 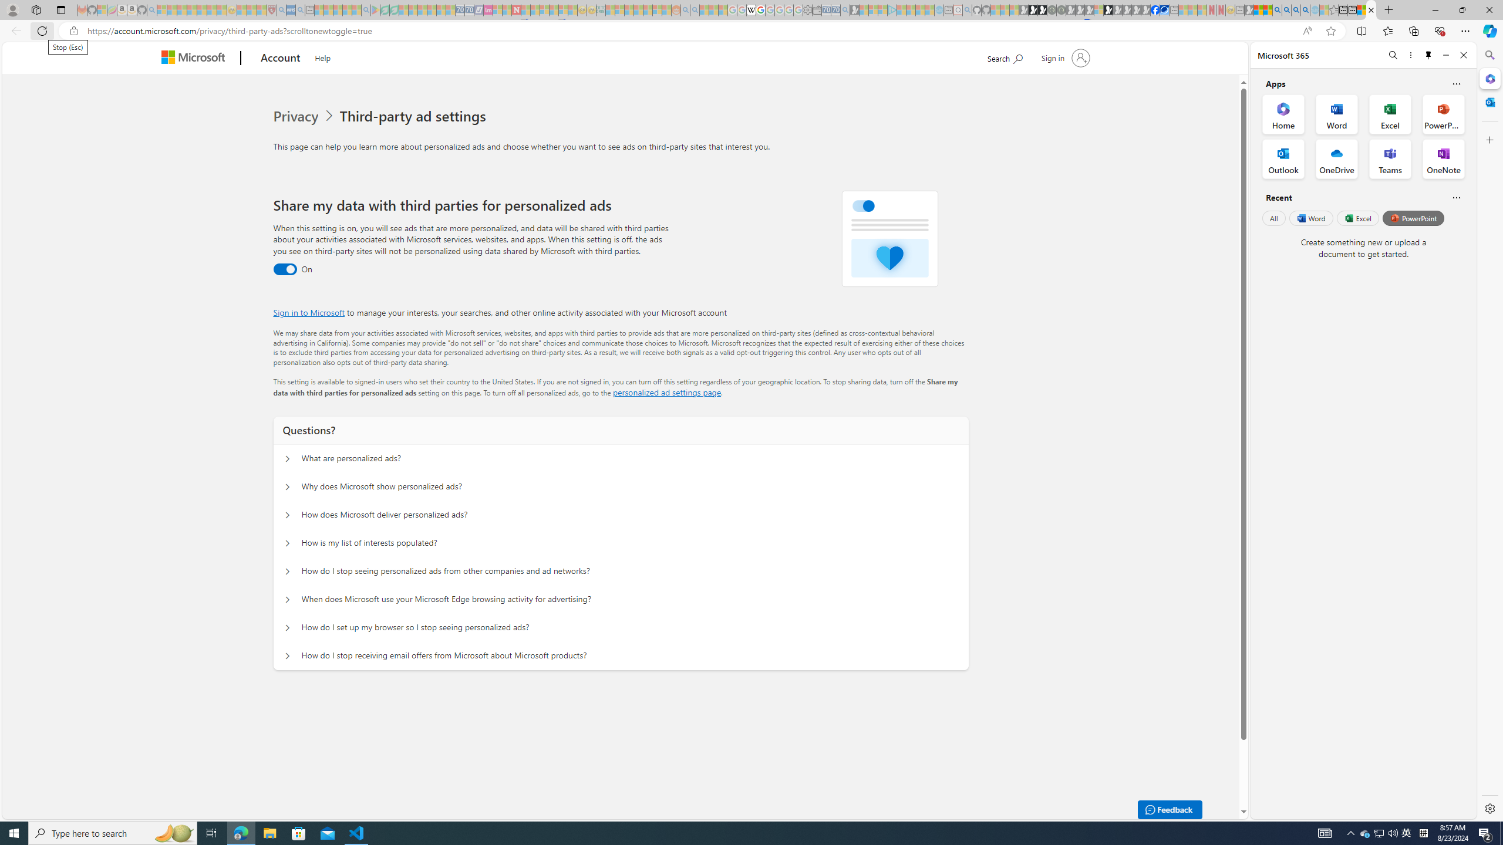 What do you see at coordinates (1390, 159) in the screenshot?
I see `'Teams Office App'` at bounding box center [1390, 159].